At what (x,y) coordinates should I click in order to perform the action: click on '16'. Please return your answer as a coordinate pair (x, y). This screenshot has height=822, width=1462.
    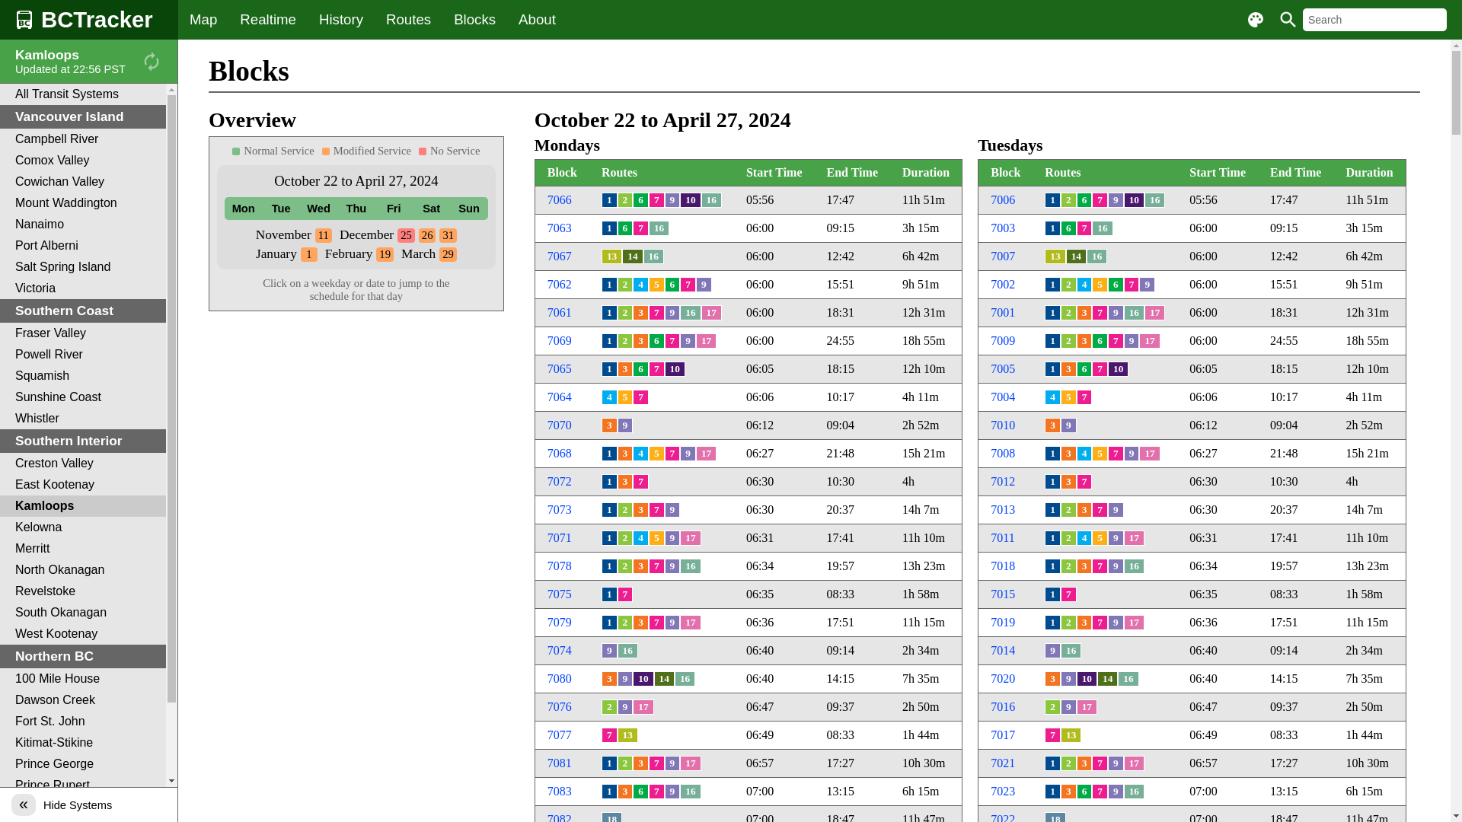
    Looking at the image, I should click on (684, 677).